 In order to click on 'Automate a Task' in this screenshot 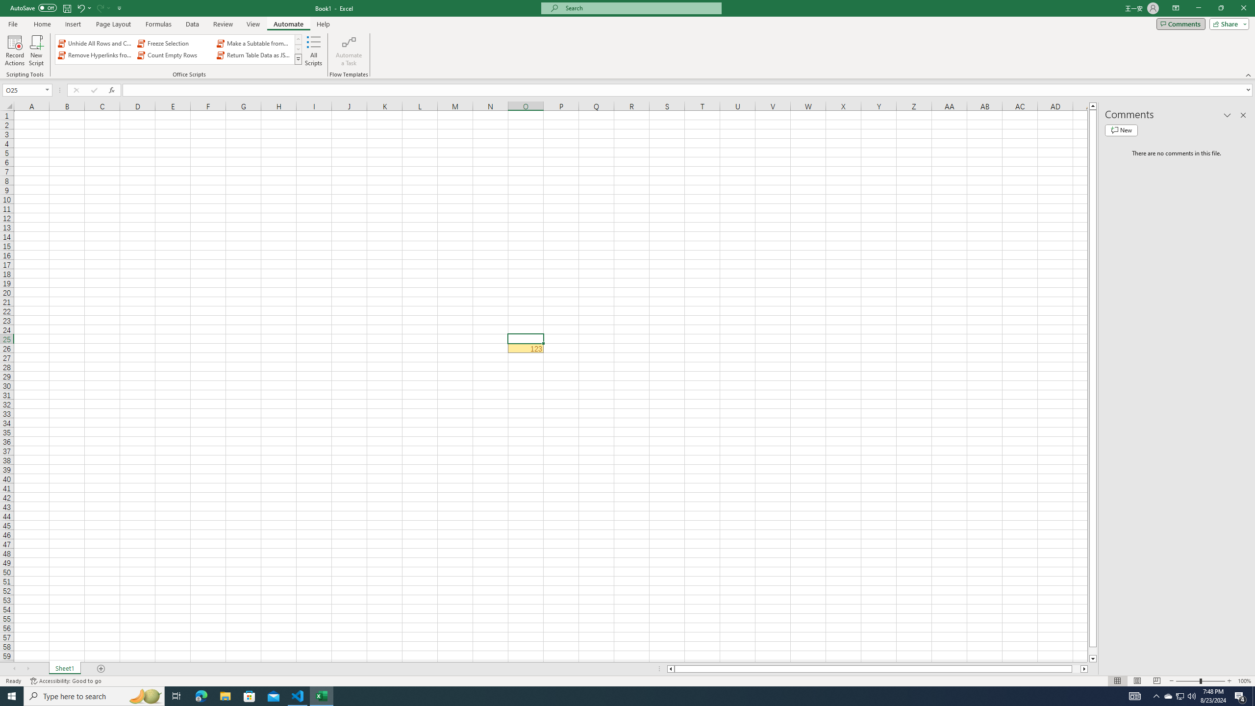, I will do `click(348, 50)`.